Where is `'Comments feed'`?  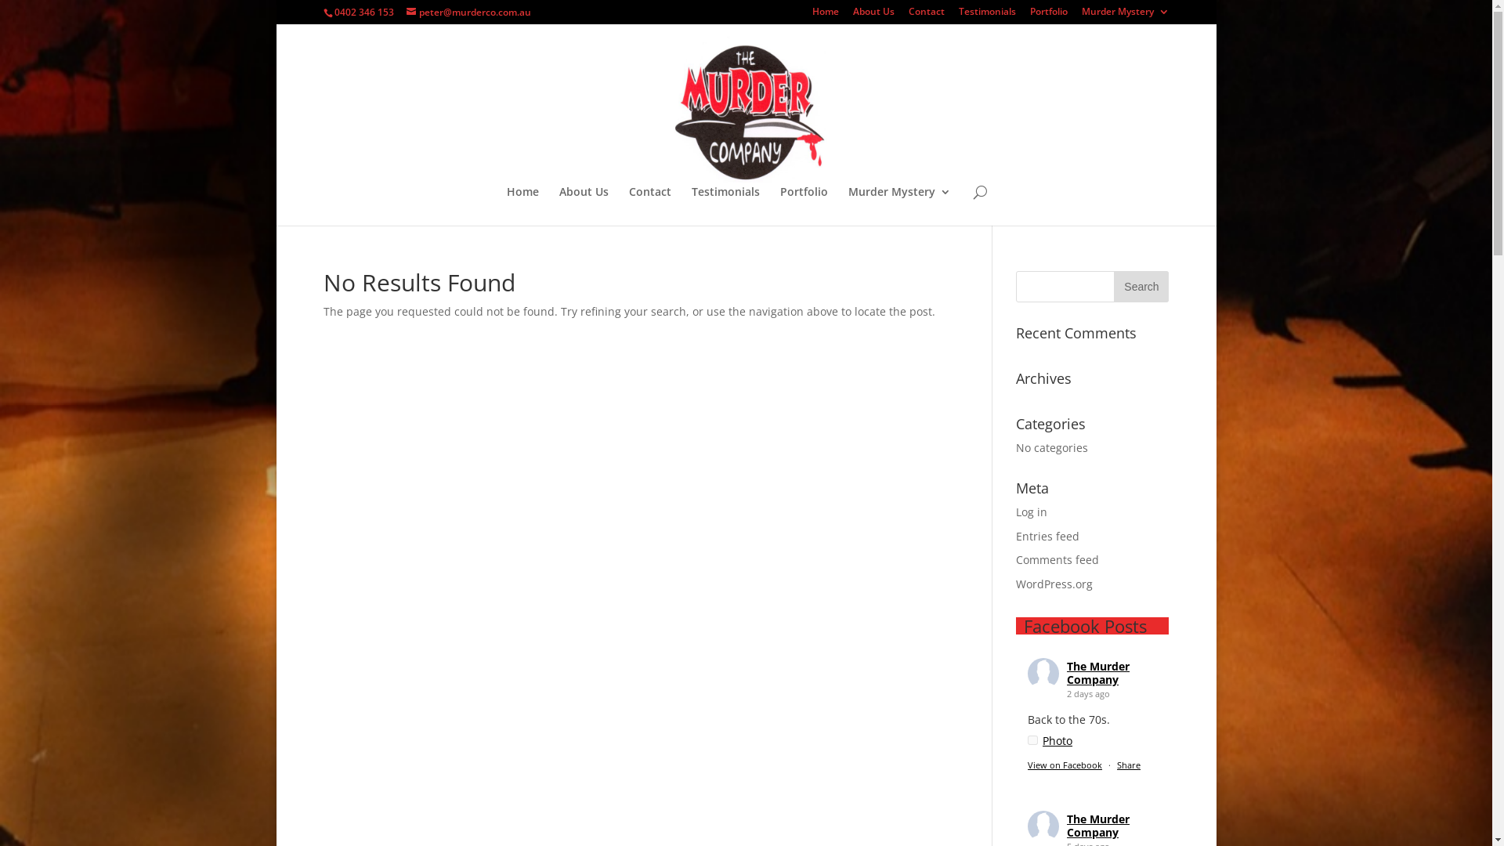
'Comments feed' is located at coordinates (1057, 559).